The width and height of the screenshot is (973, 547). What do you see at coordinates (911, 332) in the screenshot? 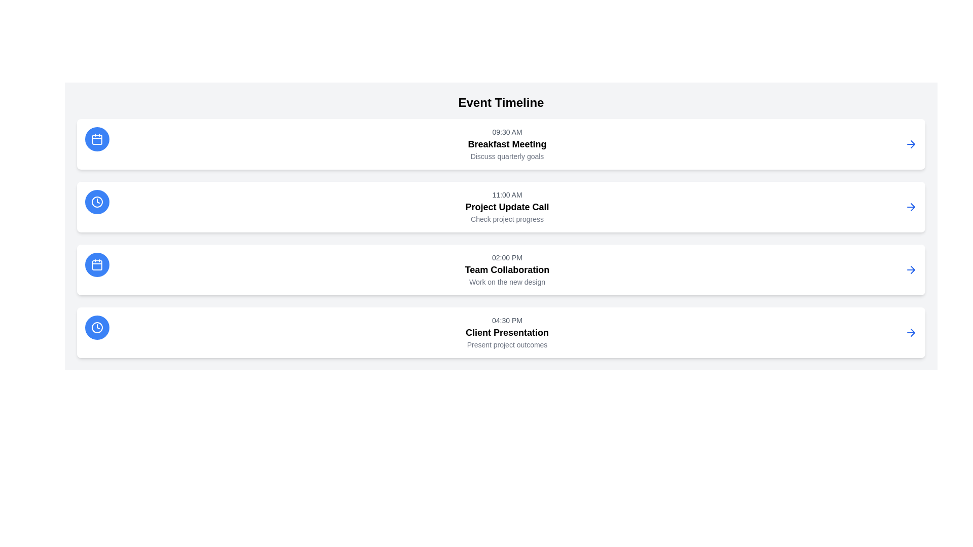
I see `the right-facing blue arrow icon located within the white rectangular card for the 'Client Presentation' event at 04:30 PM` at bounding box center [911, 332].